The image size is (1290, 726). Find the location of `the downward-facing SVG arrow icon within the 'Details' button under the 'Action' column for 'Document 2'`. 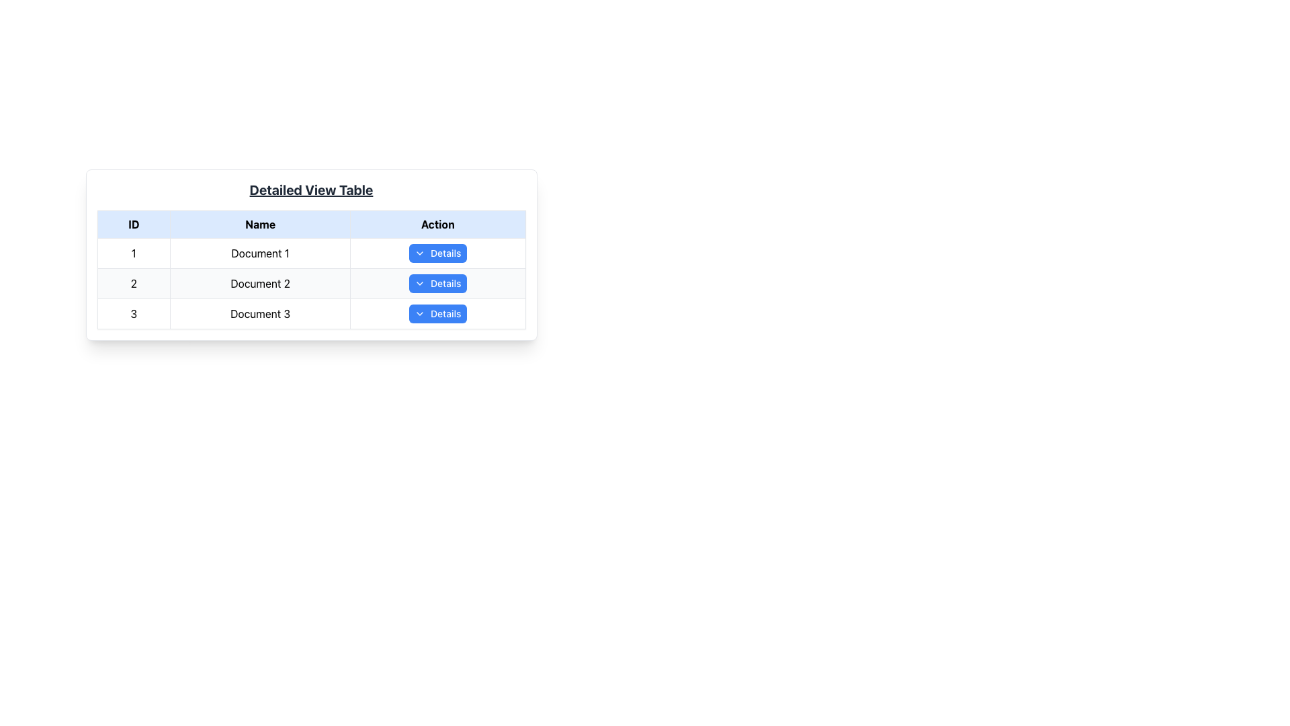

the downward-facing SVG arrow icon within the 'Details' button under the 'Action' column for 'Document 2' is located at coordinates (419, 282).